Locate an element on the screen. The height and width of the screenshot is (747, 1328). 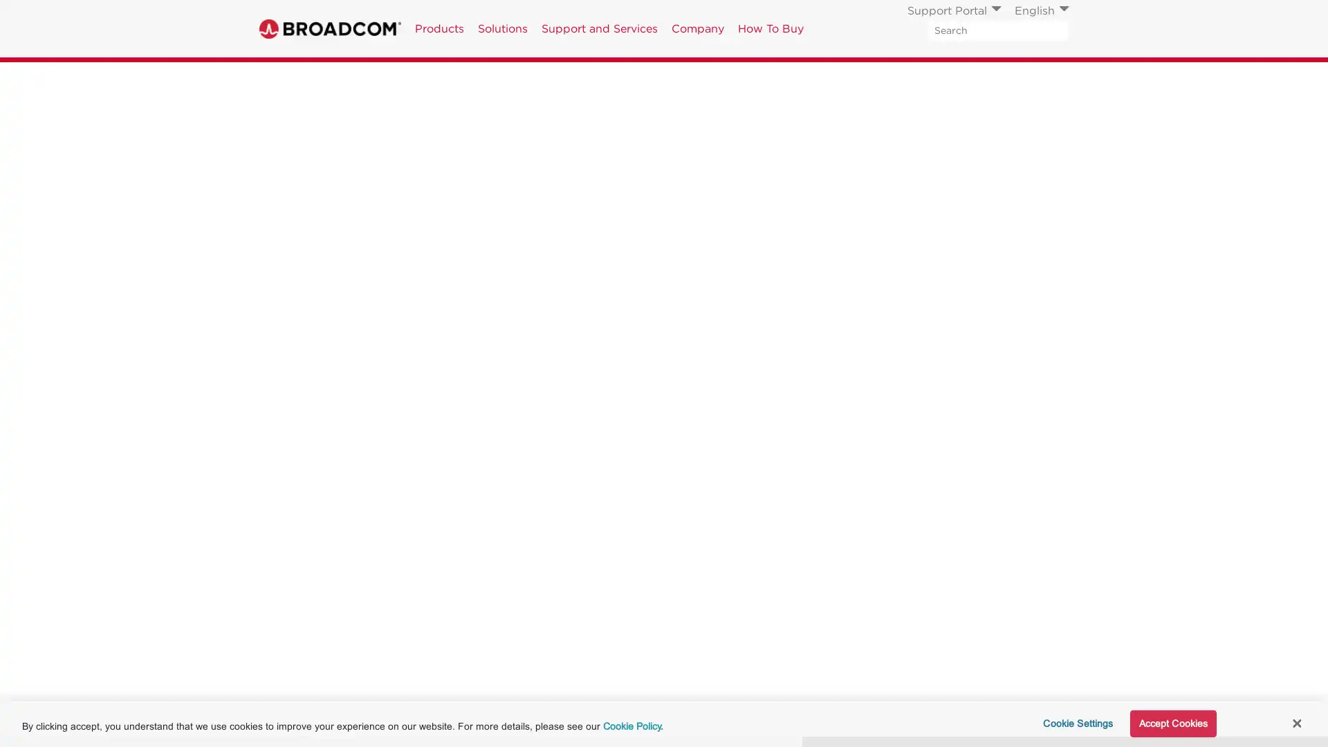
How To Buy is located at coordinates (770, 28).